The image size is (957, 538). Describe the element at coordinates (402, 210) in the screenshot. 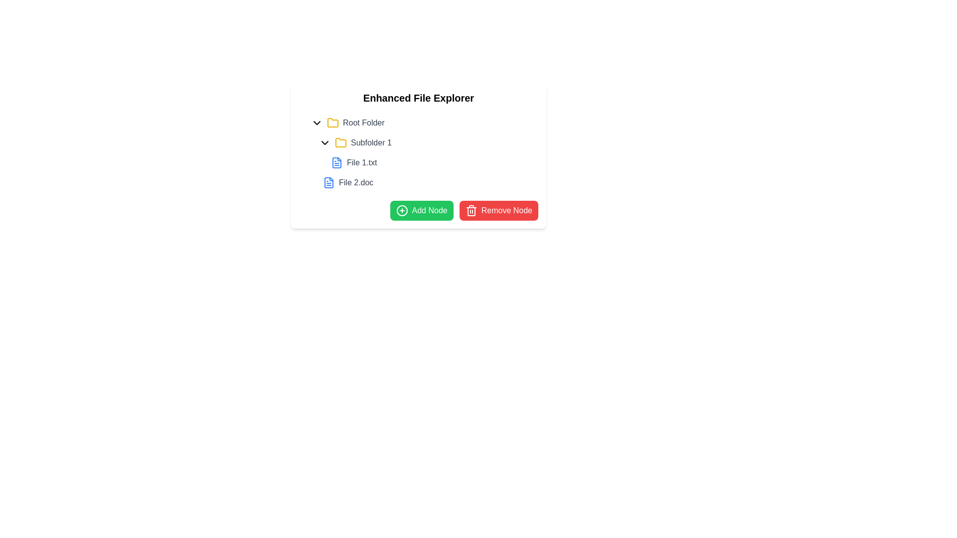

I see `the green rounded rectangular button labeled 'Add Node', which contains the SVG icon for adding a new node` at that location.